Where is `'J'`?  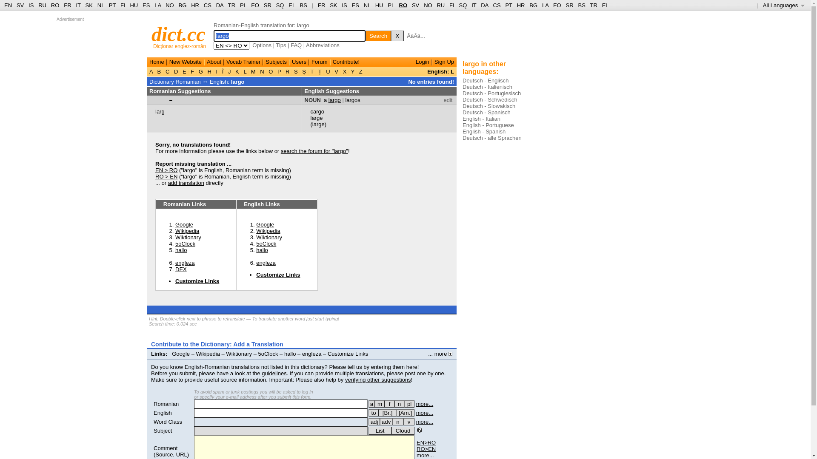
'J' is located at coordinates (229, 71).